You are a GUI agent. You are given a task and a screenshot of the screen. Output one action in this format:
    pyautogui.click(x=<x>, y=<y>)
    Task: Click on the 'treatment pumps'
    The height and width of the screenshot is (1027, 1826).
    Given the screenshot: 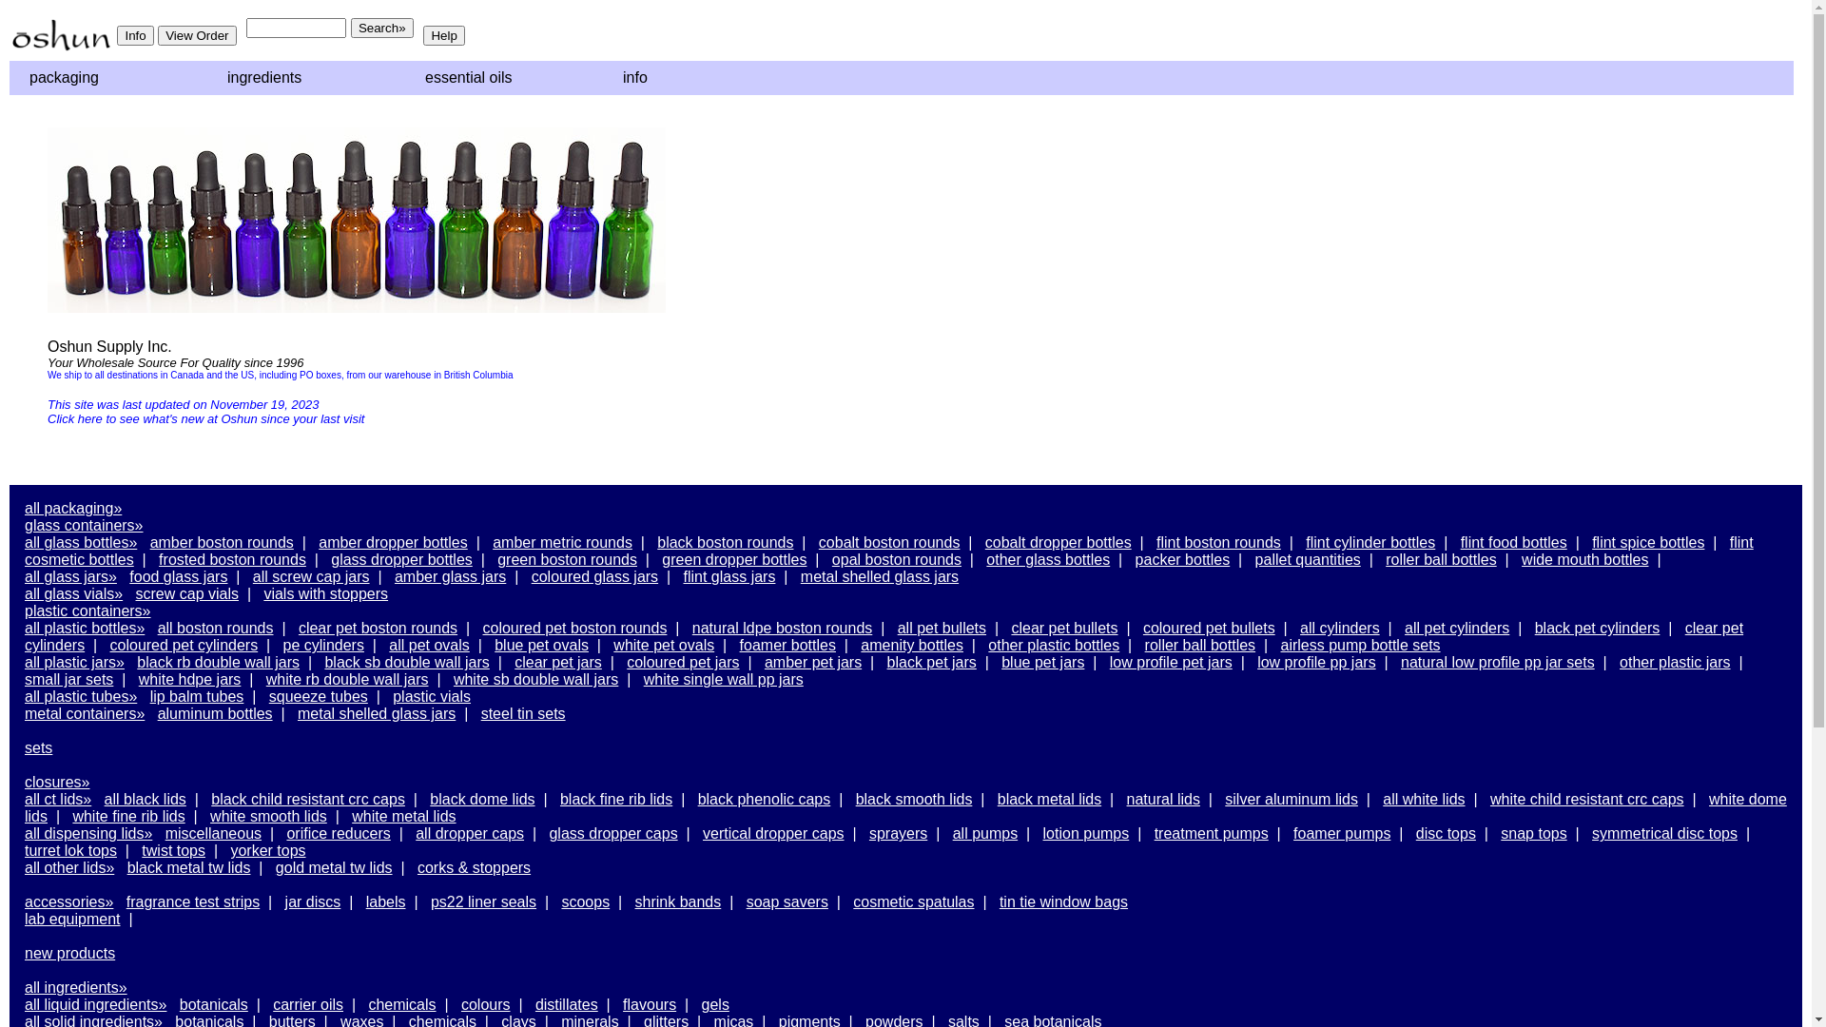 What is the action you would take?
    pyautogui.click(x=1210, y=832)
    